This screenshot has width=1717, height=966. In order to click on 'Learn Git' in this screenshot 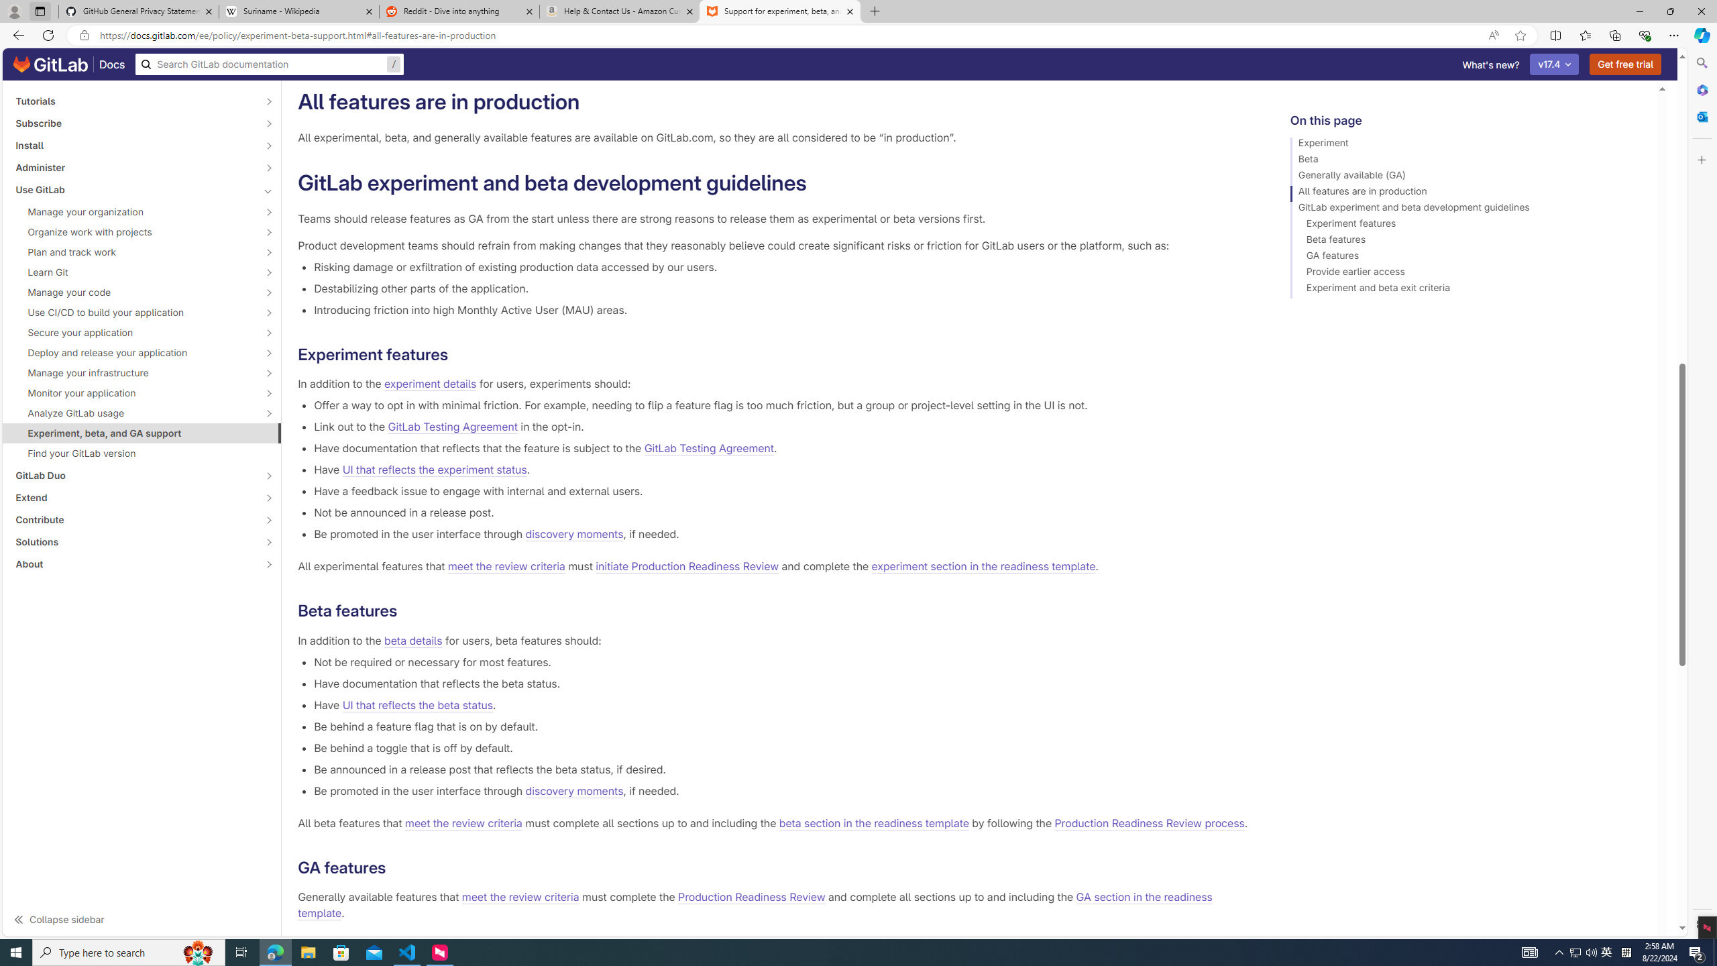, I will do `click(133, 272)`.